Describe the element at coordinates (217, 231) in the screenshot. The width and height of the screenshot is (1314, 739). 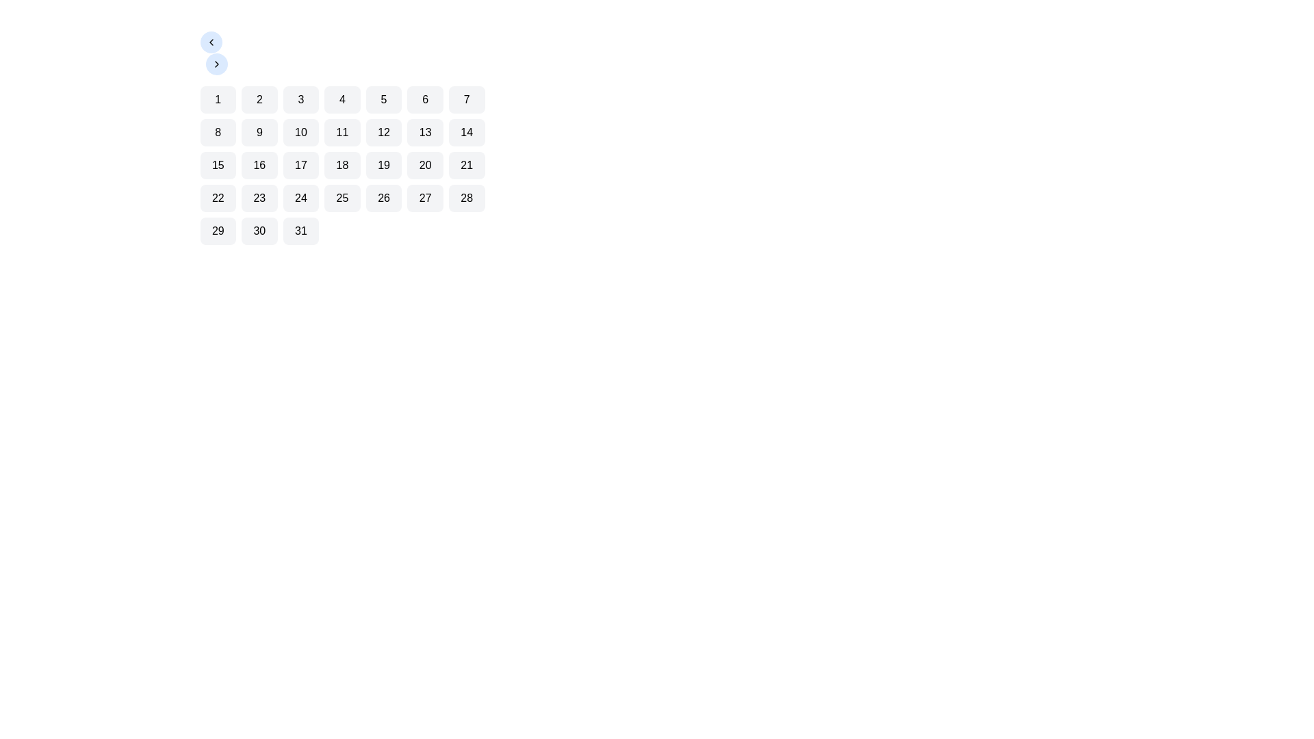
I see `the calendar button representing day '29', located in the last row, first column of the calendar grid` at that location.